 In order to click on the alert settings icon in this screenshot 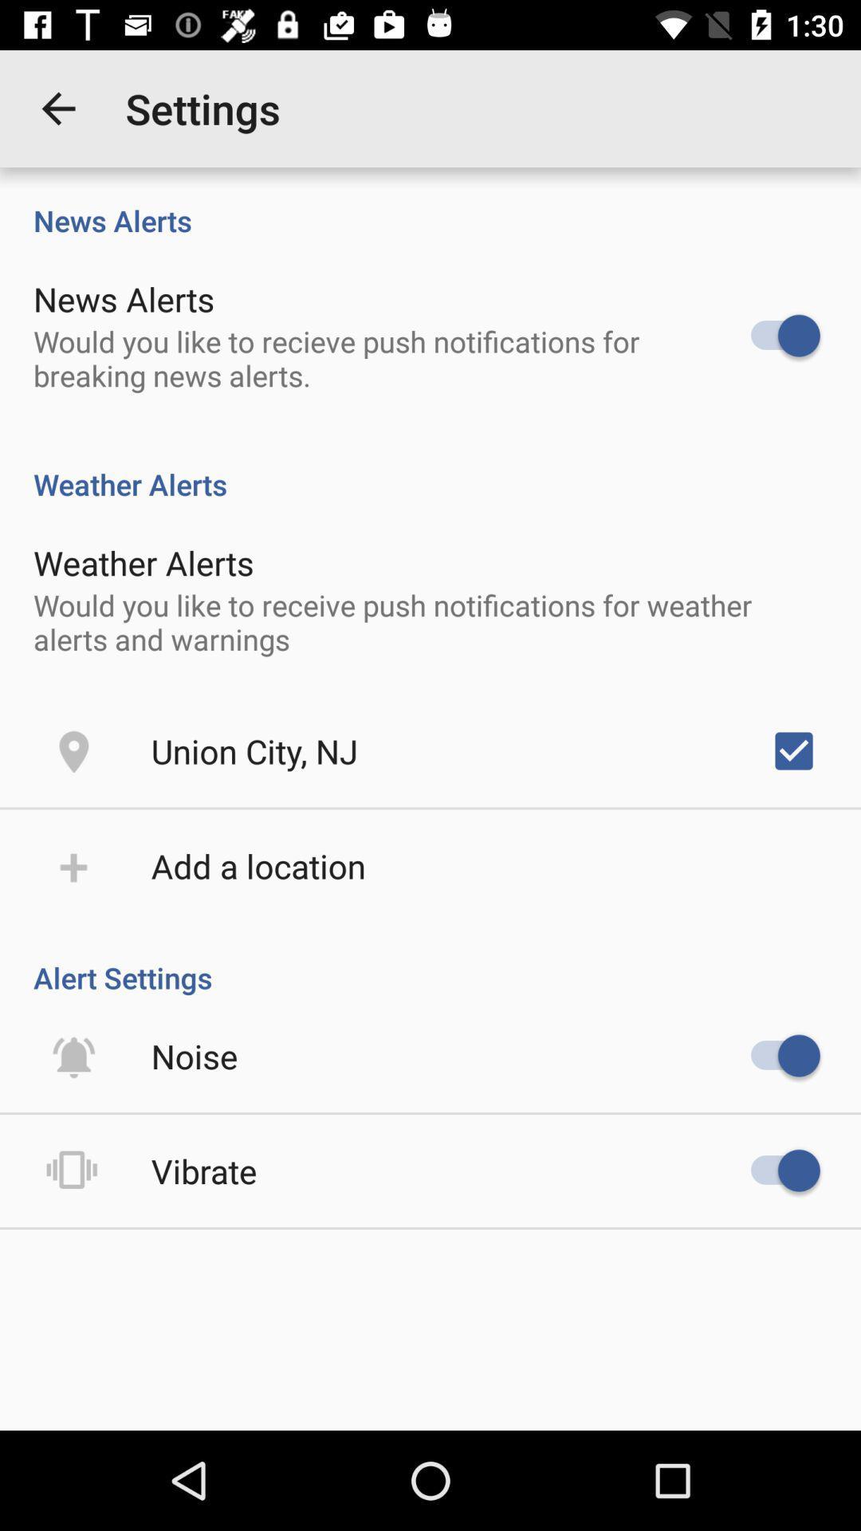, I will do `click(431, 960)`.